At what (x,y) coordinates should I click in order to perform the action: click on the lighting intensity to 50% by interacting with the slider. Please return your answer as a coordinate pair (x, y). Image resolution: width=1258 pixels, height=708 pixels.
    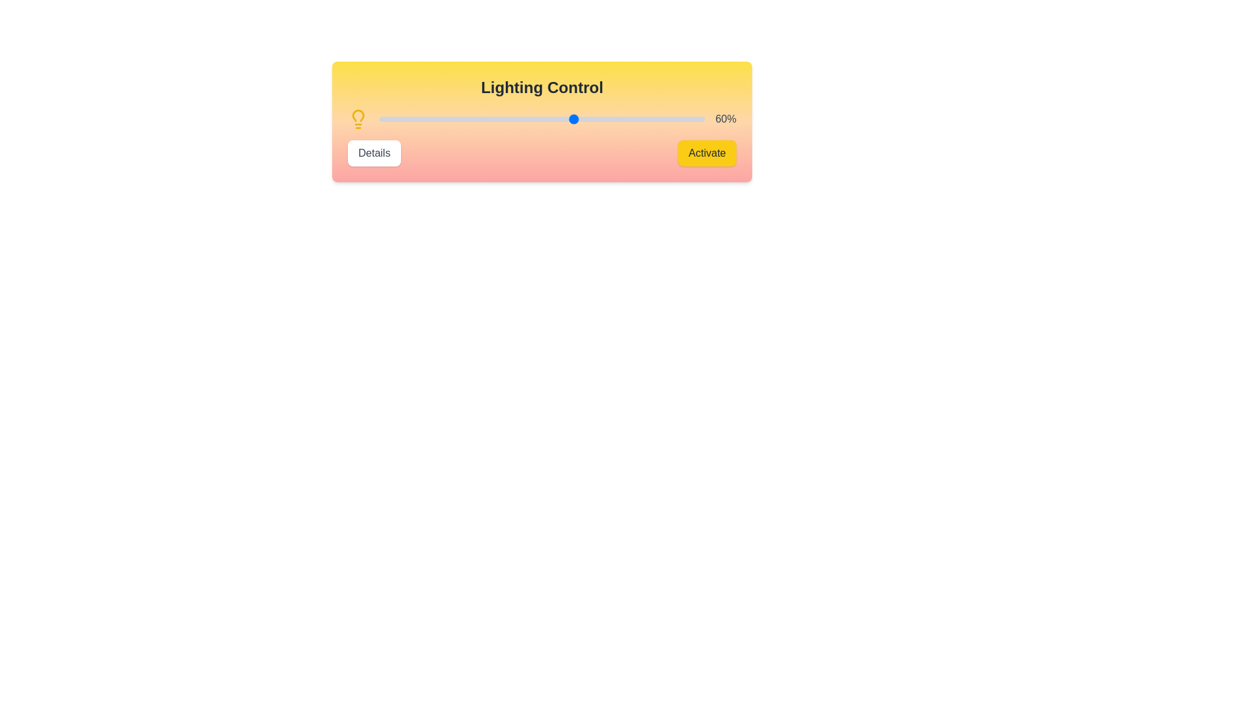
    Looking at the image, I should click on (541, 119).